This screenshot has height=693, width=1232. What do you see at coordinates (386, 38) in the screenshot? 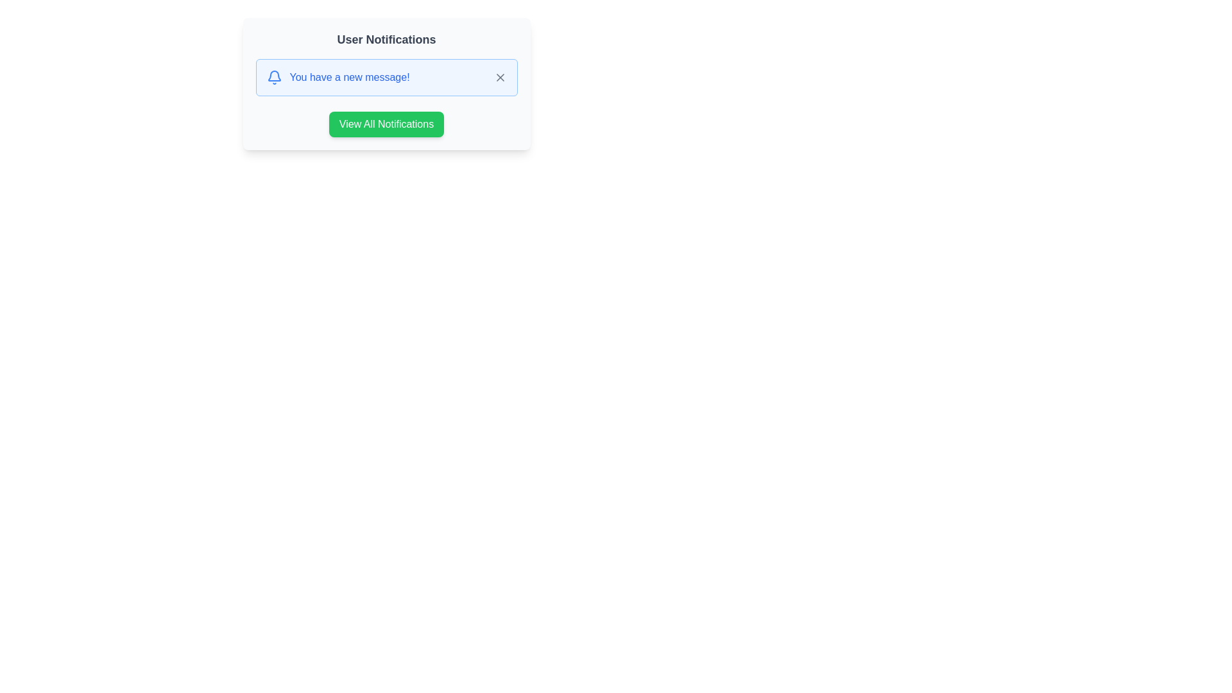
I see `the Text Label element, which serves as the title for the notification card located at the top center of the card` at bounding box center [386, 38].